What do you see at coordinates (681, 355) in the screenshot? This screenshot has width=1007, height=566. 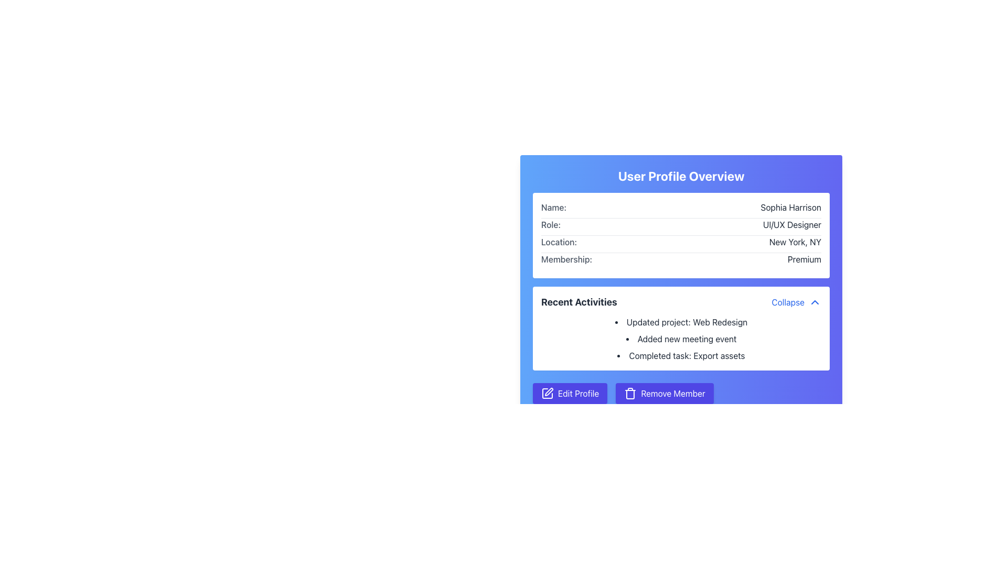 I see `the text label displaying 'Completed task: Export assets' in the 'Recent Activities' section` at bounding box center [681, 355].